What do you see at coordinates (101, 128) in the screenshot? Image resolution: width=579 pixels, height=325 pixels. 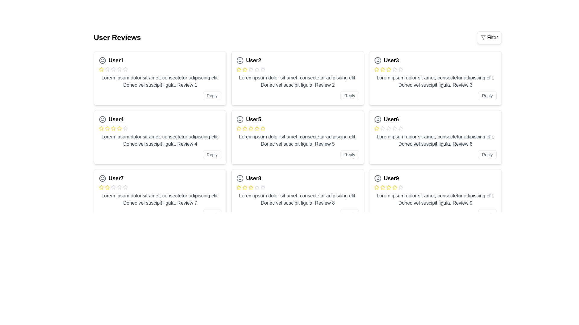 I see `the second star icon in the rating system for User4's review, which represents the second rating level in a scale of five` at bounding box center [101, 128].